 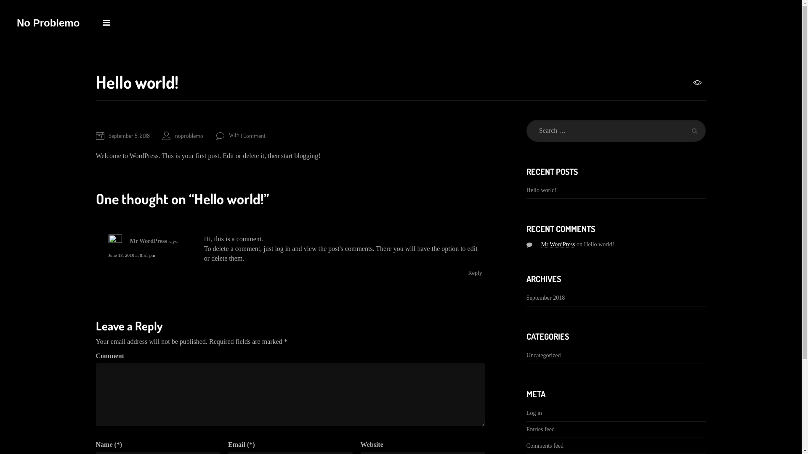 What do you see at coordinates (558, 244) in the screenshot?
I see `'Mr WordPress'` at bounding box center [558, 244].